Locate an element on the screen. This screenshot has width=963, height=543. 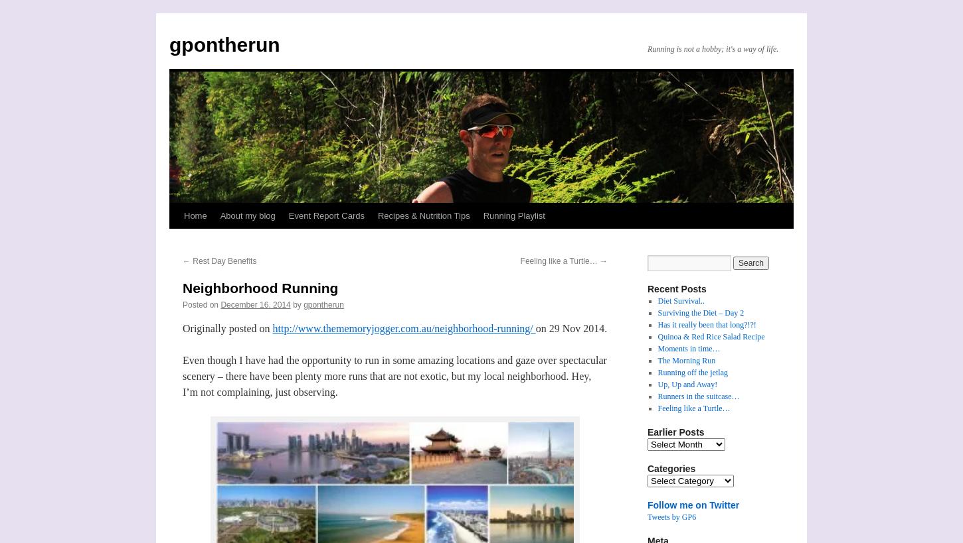
'Neighborhood Running' is located at coordinates (259, 288).